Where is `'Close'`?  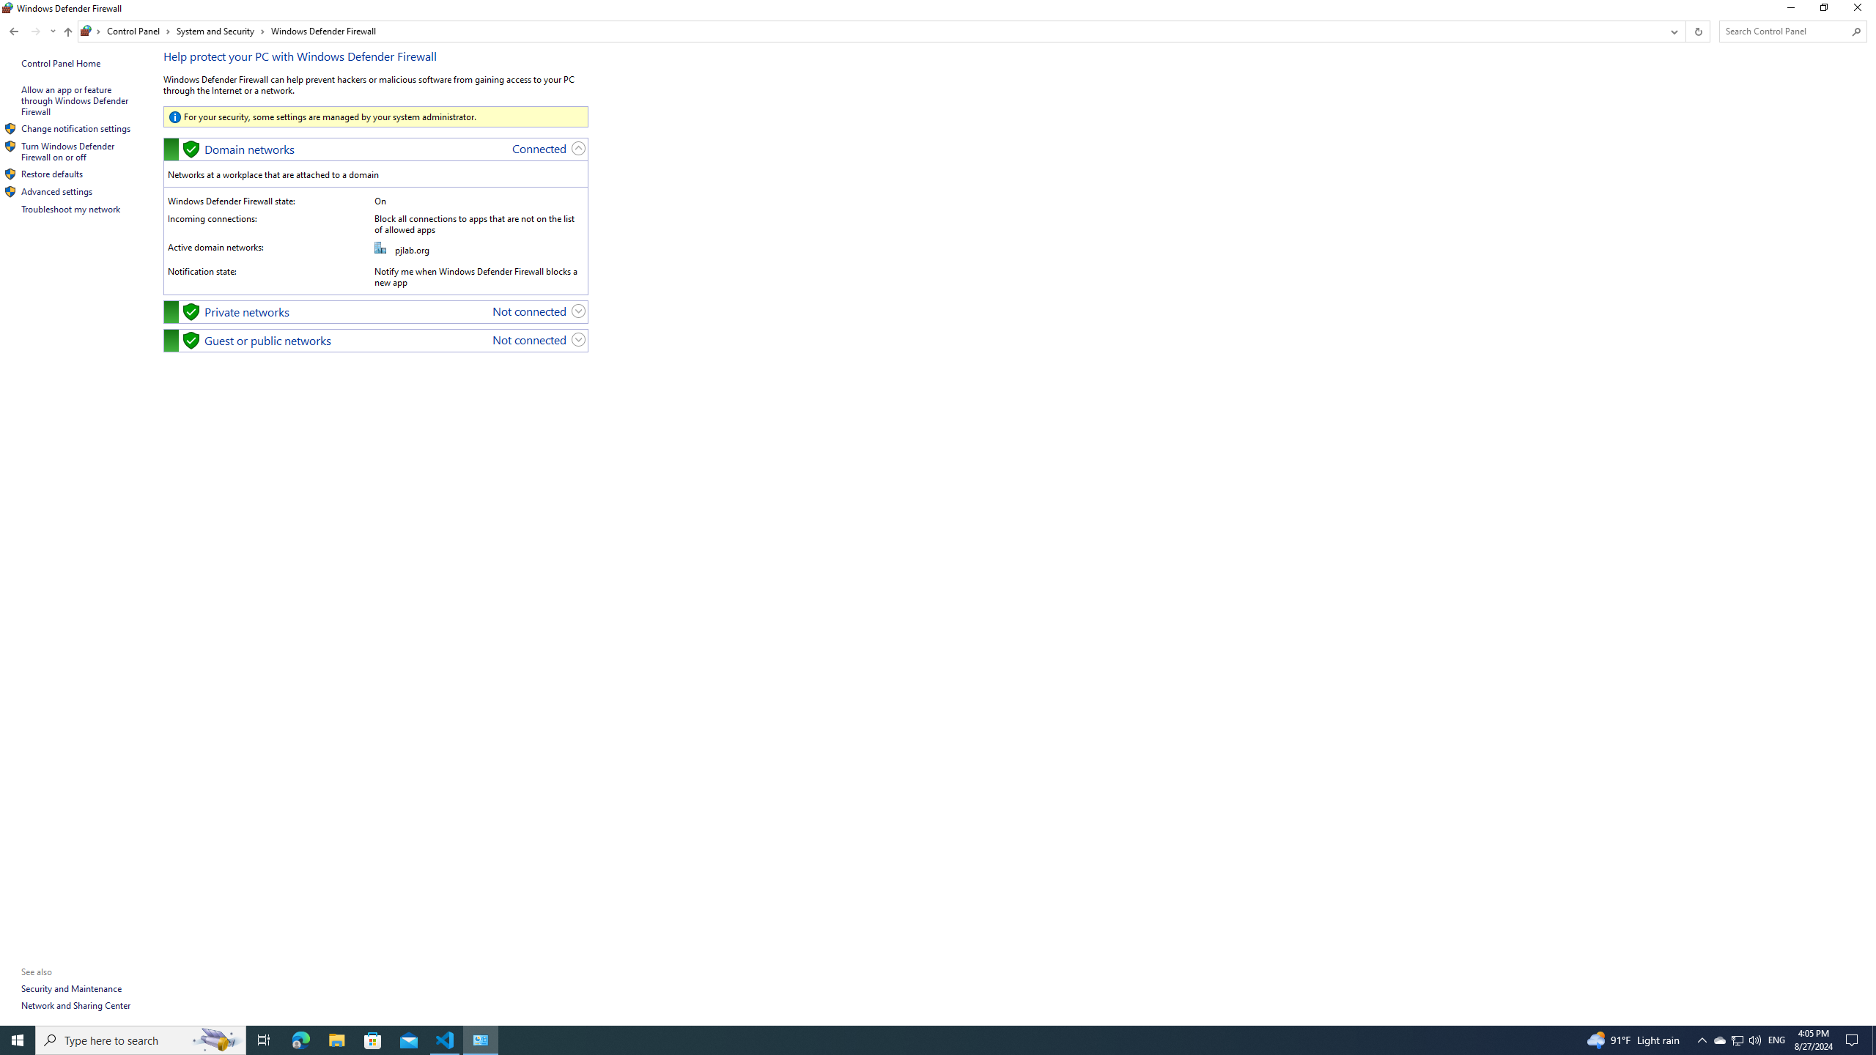 'Close' is located at coordinates (1861, 11).